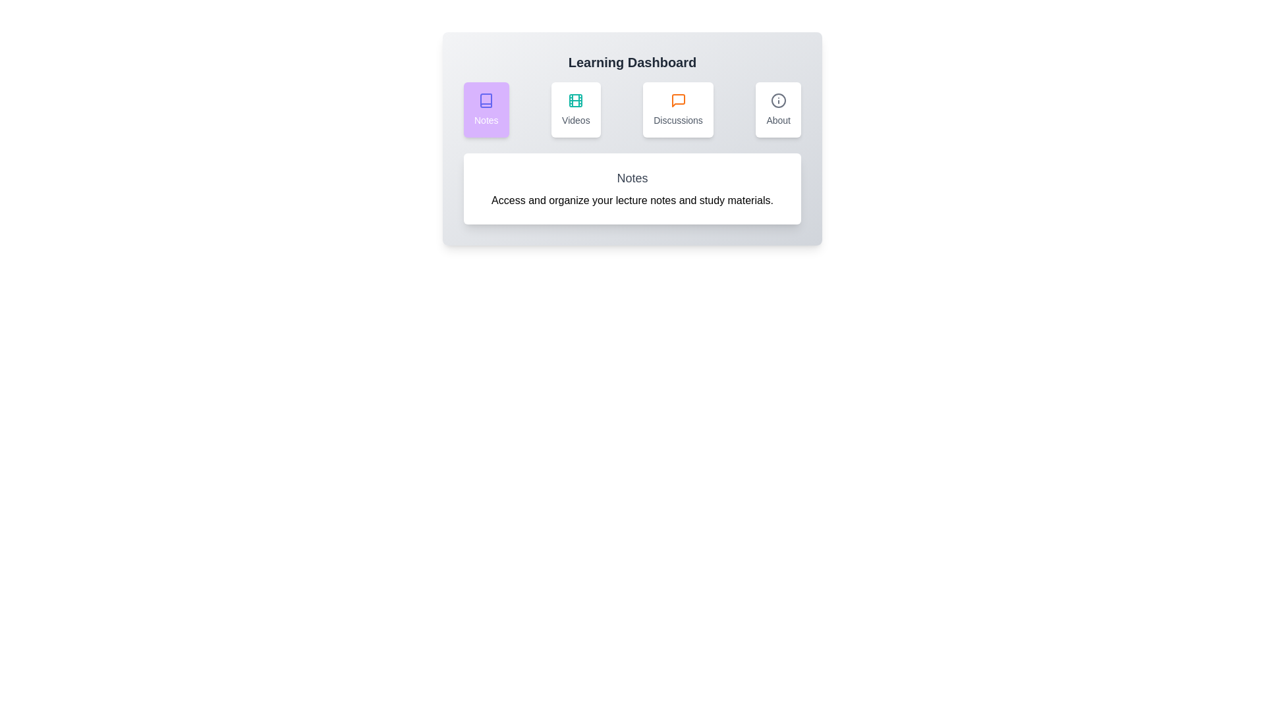 This screenshot has width=1265, height=711. Describe the element at coordinates (677, 109) in the screenshot. I see `the Discussions tab by clicking on its corresponding button` at that location.